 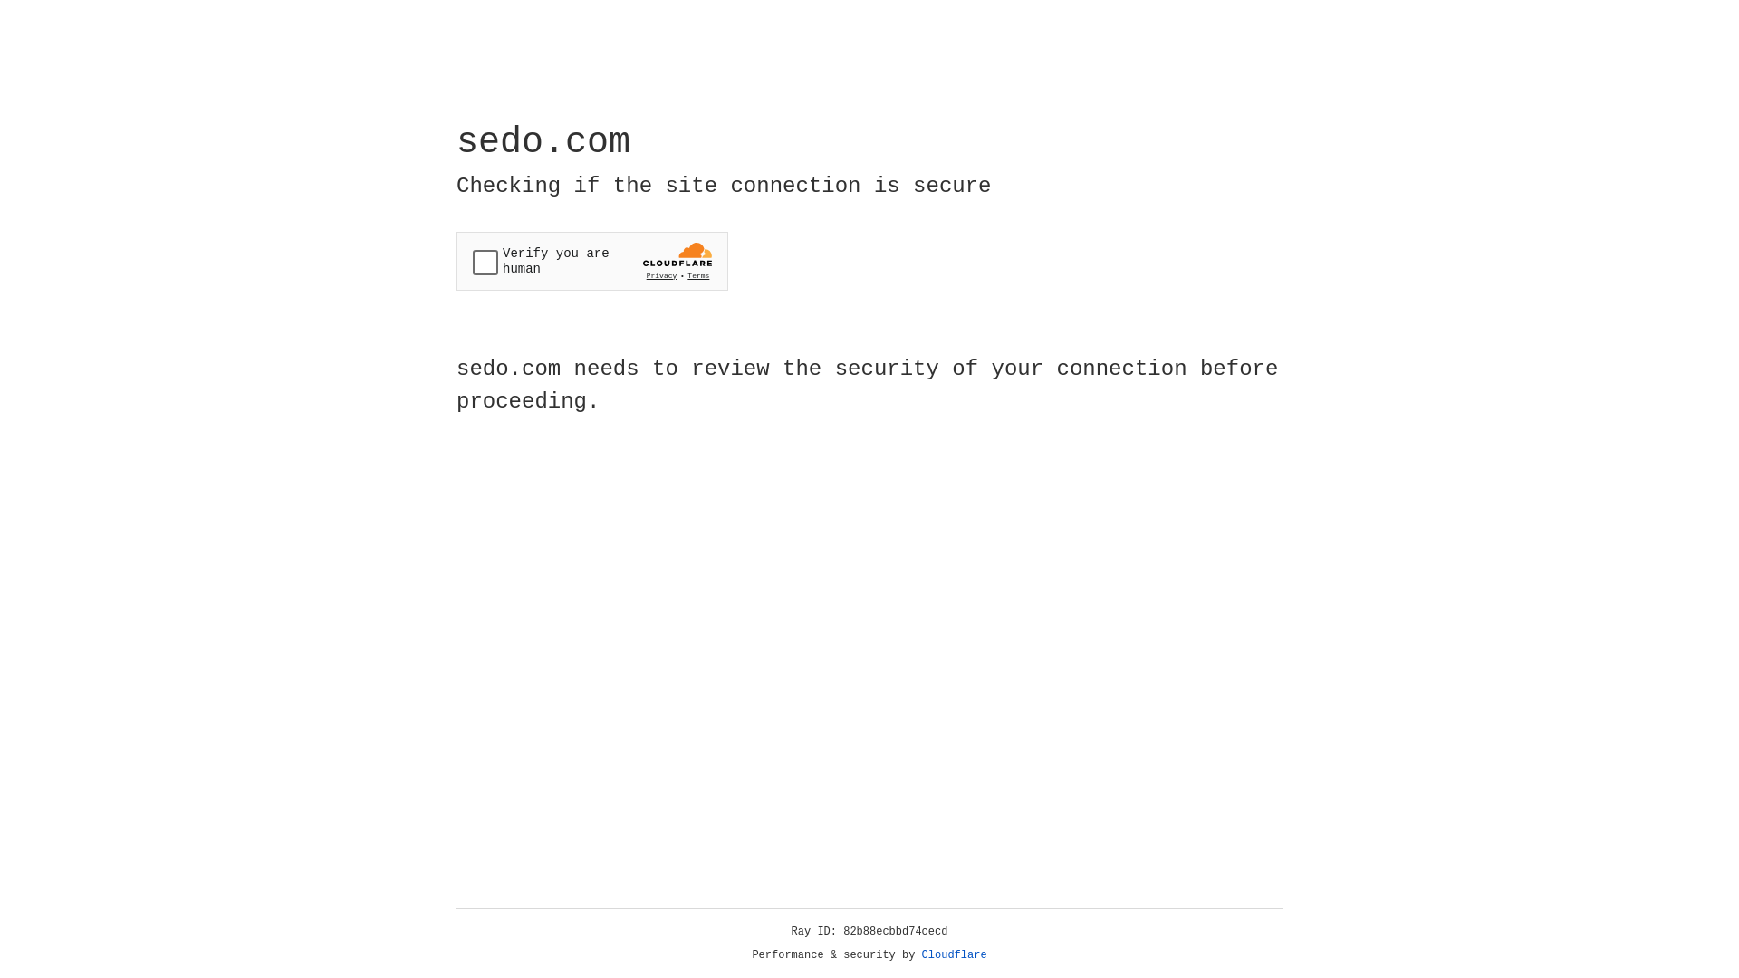 What do you see at coordinates (591, 261) in the screenshot?
I see `'Widget containing a Cloudflare security challenge'` at bounding box center [591, 261].